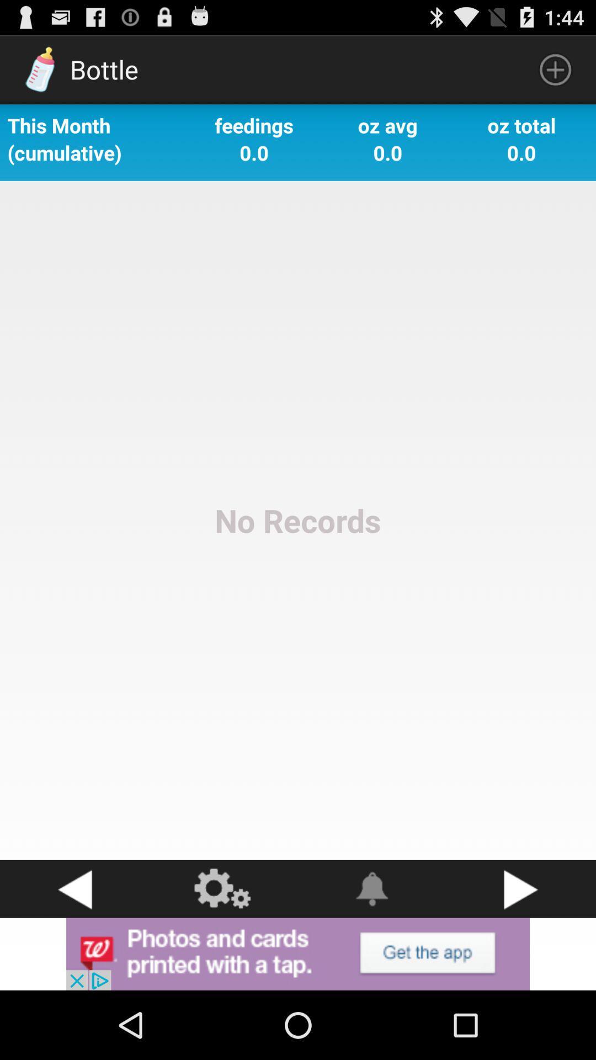 This screenshot has width=596, height=1060. Describe the element at coordinates (521, 889) in the screenshot. I see `next page arrow icon` at that location.